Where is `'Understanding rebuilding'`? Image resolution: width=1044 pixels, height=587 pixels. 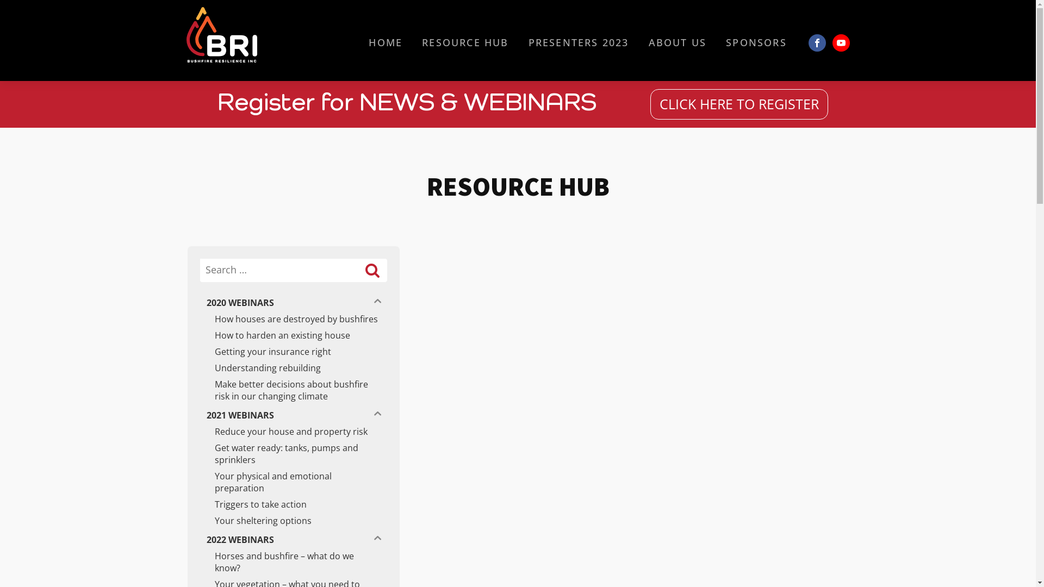
'Understanding rebuilding' is located at coordinates (293, 367).